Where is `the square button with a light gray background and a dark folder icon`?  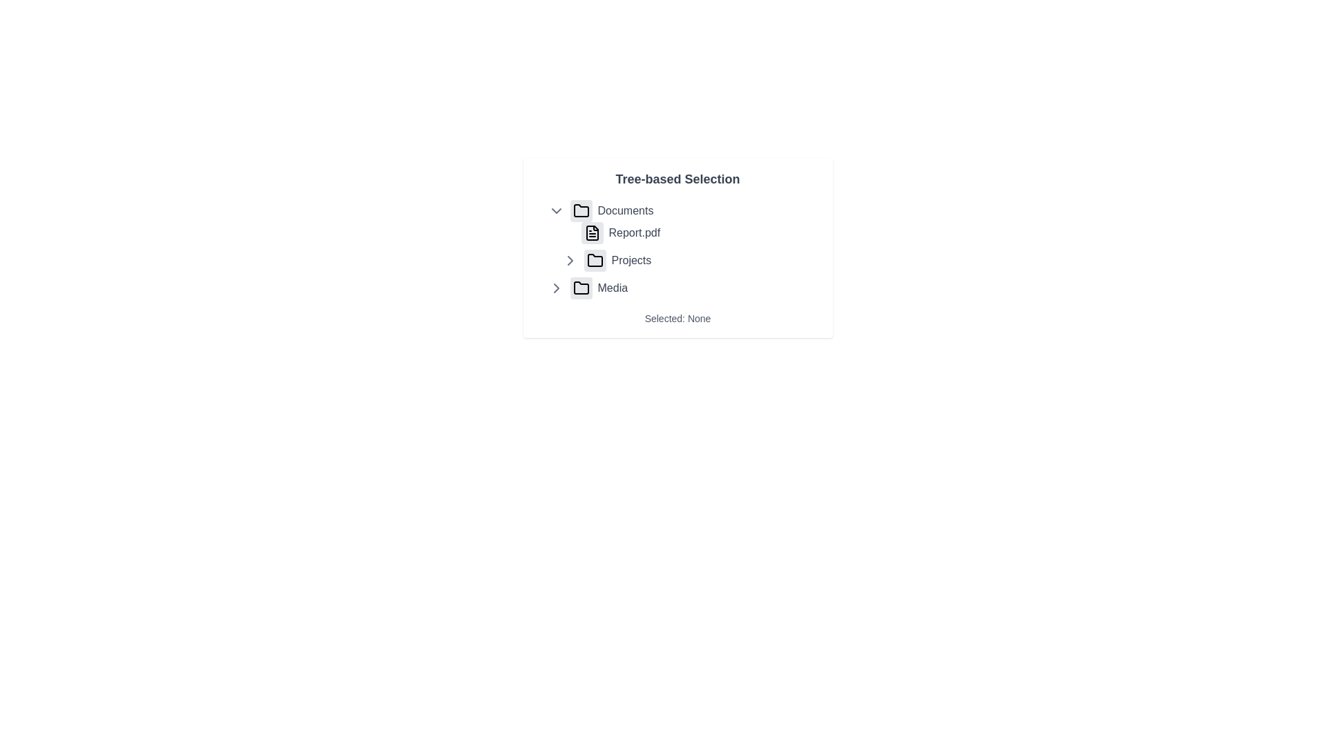 the square button with a light gray background and a dark folder icon is located at coordinates (581, 287).